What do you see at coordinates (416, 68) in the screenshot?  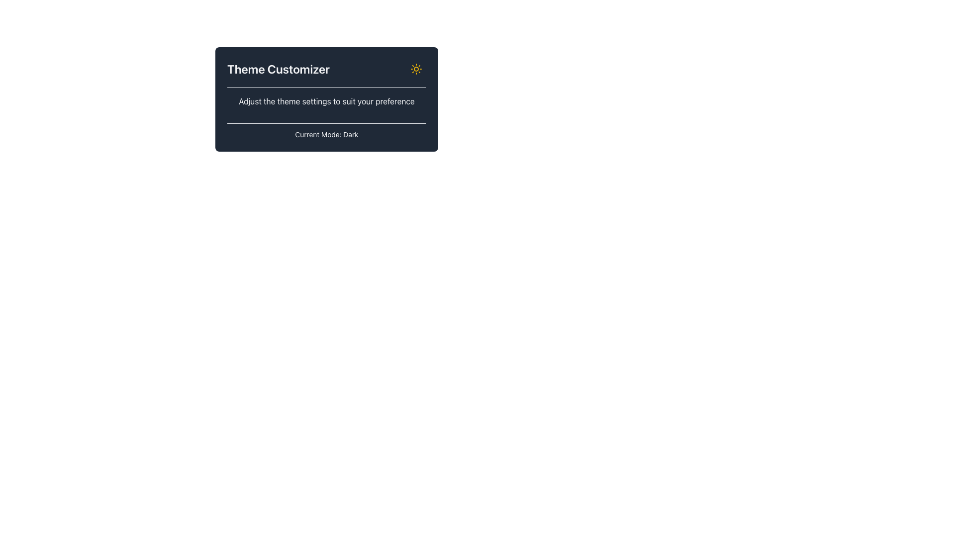 I see `the yellow sun icon located in the top-right section of the Theme Customizer interface` at bounding box center [416, 68].